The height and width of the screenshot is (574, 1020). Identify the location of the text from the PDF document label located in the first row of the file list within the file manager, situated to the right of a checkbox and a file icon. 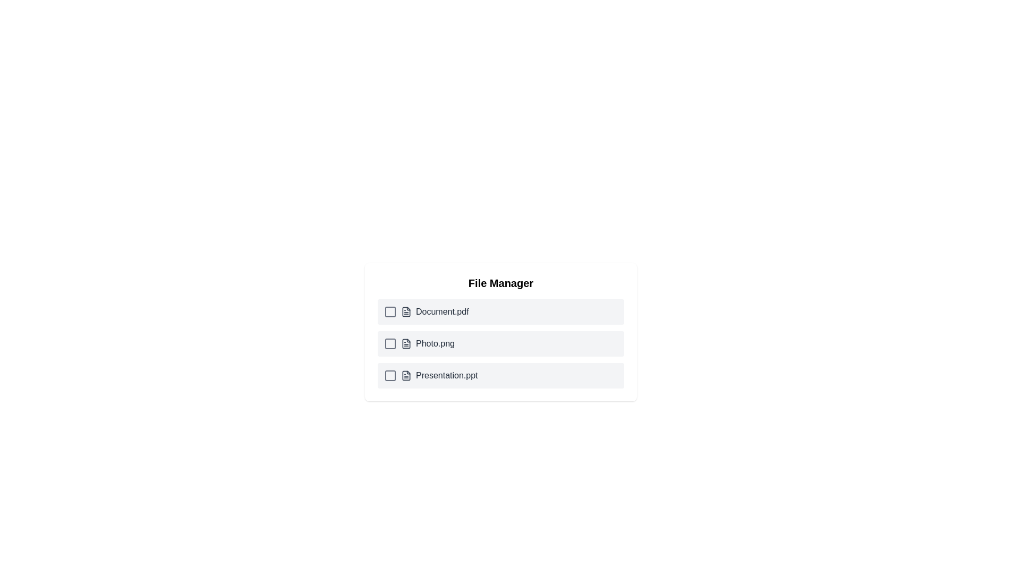
(442, 311).